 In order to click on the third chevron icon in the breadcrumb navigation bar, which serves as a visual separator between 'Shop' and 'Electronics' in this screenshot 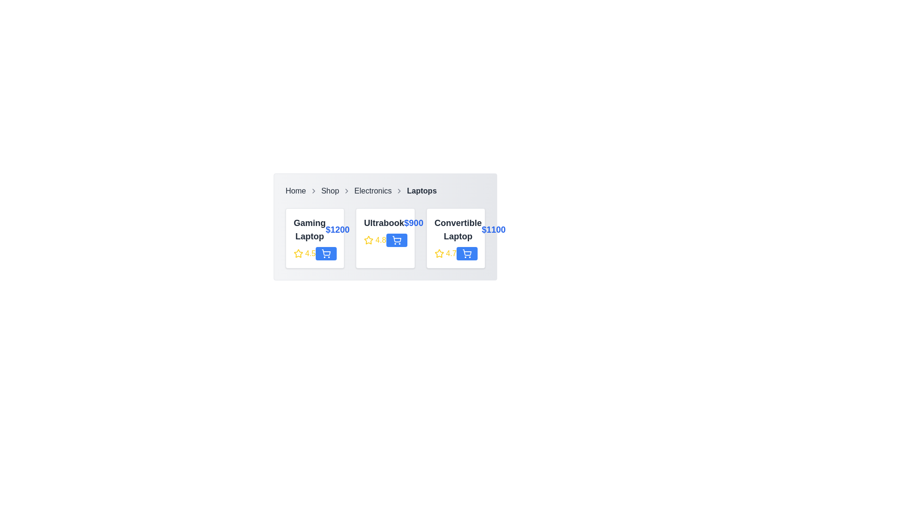, I will do `click(346, 191)`.